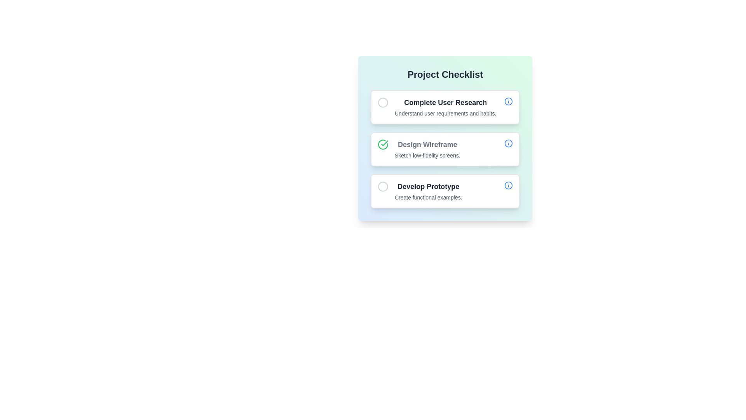 Image resolution: width=746 pixels, height=420 pixels. Describe the element at coordinates (445, 149) in the screenshot. I see `the completed task element in the project checklist titled 'Project Checklist', which indicates the 'Design Wireframe' task and is visually struck through` at that location.